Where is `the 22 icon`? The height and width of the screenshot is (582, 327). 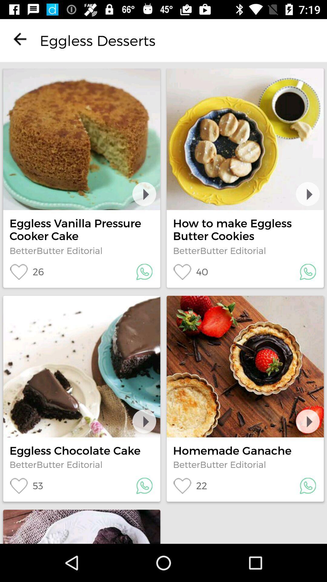
the 22 icon is located at coordinates (190, 486).